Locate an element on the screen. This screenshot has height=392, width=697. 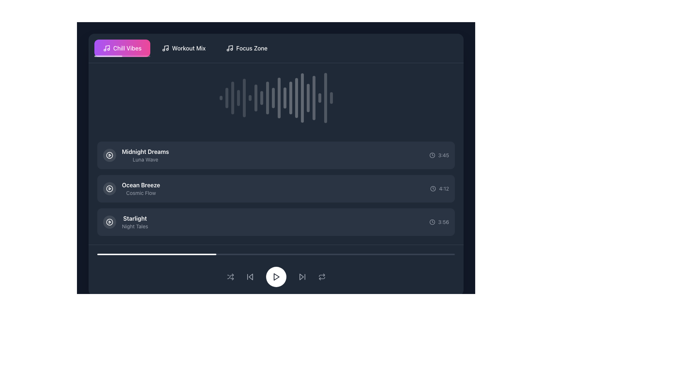
the ninth vertical waveform bar in the series, which visually represents audio amplitude at a specific time point is located at coordinates (267, 98).